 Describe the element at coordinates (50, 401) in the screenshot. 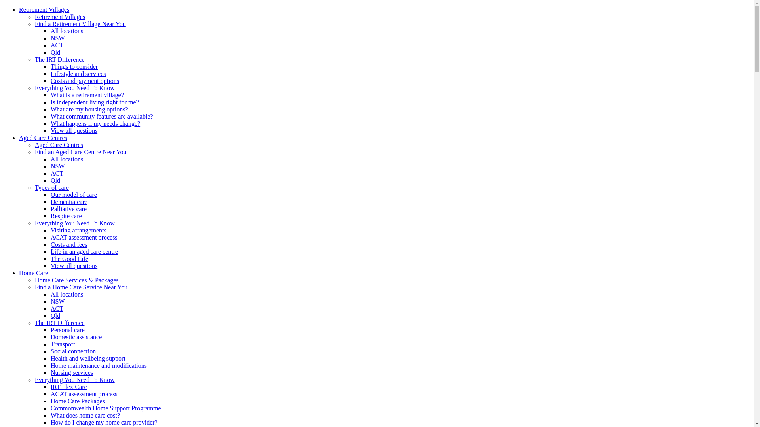

I see `'Home Care Packages'` at that location.